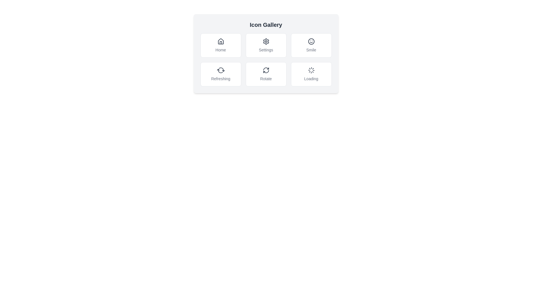  I want to click on the visual state of the 'Smile' icon located within the third button of the top row in the 'Icon Gallery', so click(311, 41).